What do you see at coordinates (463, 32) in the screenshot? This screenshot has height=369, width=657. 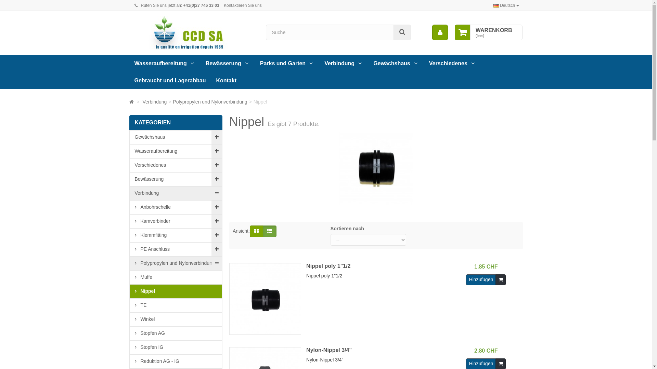 I see `'Ansehen mein Warenkorb'` at bounding box center [463, 32].